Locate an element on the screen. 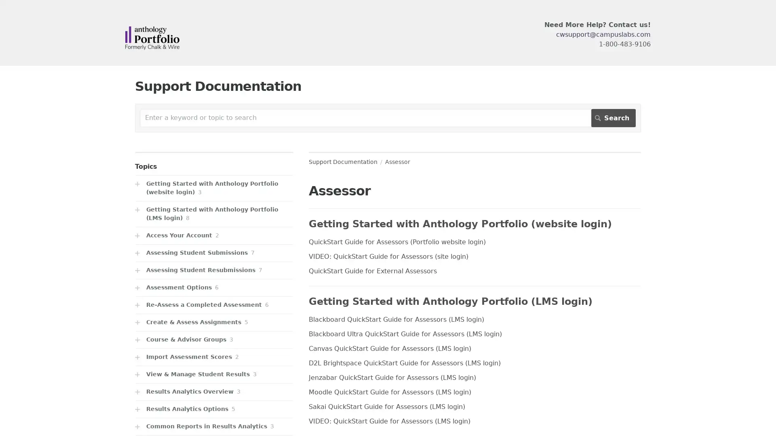  Re-Assess a Completed Assessment 6 is located at coordinates (214, 305).